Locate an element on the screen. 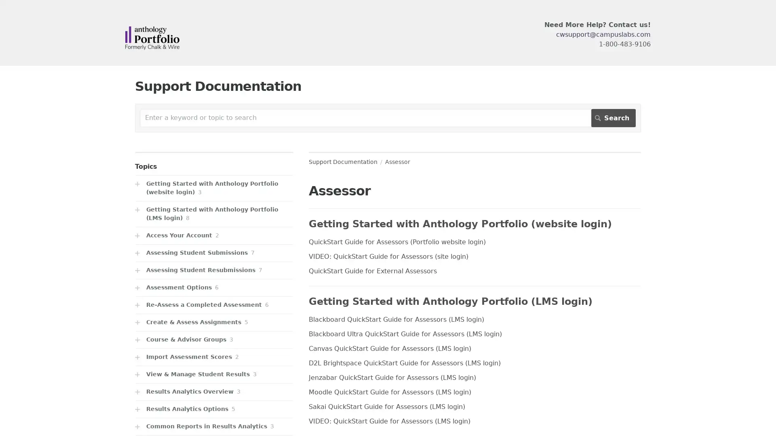  Re-Assess a Completed Assessment 6 is located at coordinates (214, 305).